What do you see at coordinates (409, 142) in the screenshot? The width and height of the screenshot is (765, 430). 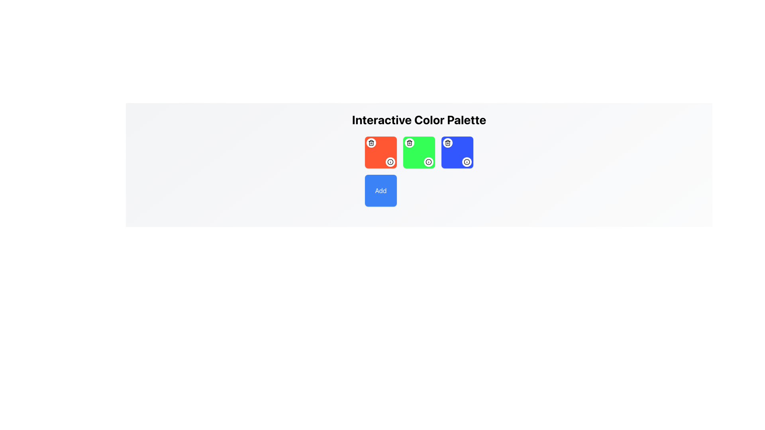 I see `the circular icon button with a trash can icon located at the top-left corner of the green square in the grid` at bounding box center [409, 142].